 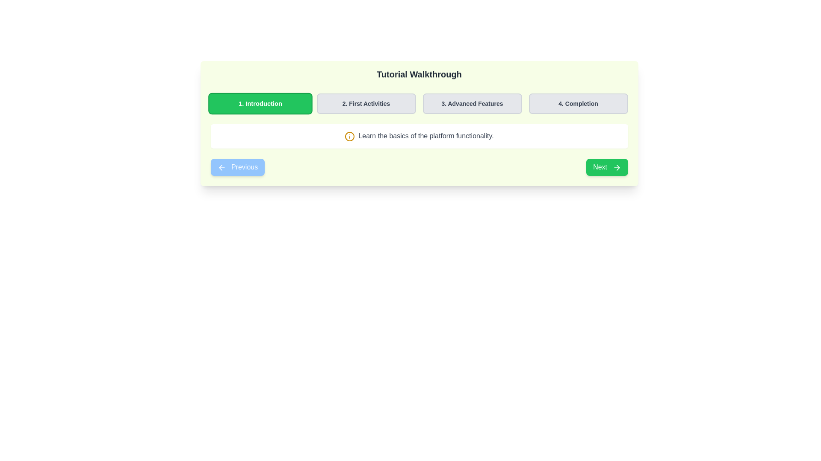 I want to click on the button labeled '2. First Activities' to interact, so click(x=366, y=103).